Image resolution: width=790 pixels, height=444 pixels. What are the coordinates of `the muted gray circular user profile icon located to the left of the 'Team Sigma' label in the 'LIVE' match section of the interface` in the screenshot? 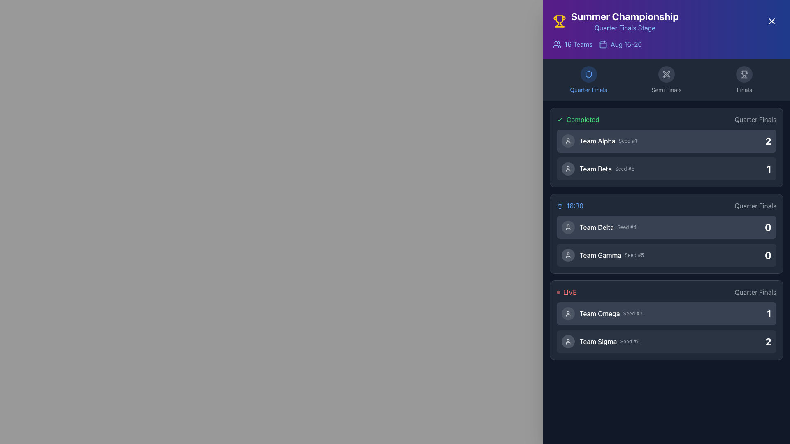 It's located at (568, 341).